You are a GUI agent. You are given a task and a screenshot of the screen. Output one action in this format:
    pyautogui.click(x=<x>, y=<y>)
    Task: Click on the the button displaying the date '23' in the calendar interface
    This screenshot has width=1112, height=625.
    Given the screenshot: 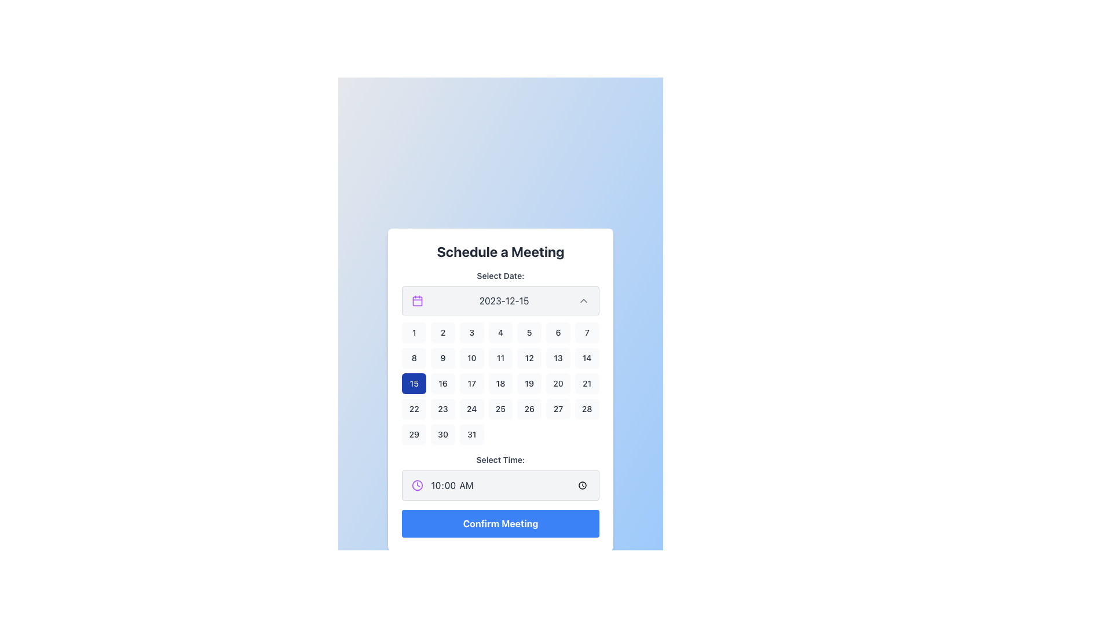 What is the action you would take?
    pyautogui.click(x=442, y=408)
    